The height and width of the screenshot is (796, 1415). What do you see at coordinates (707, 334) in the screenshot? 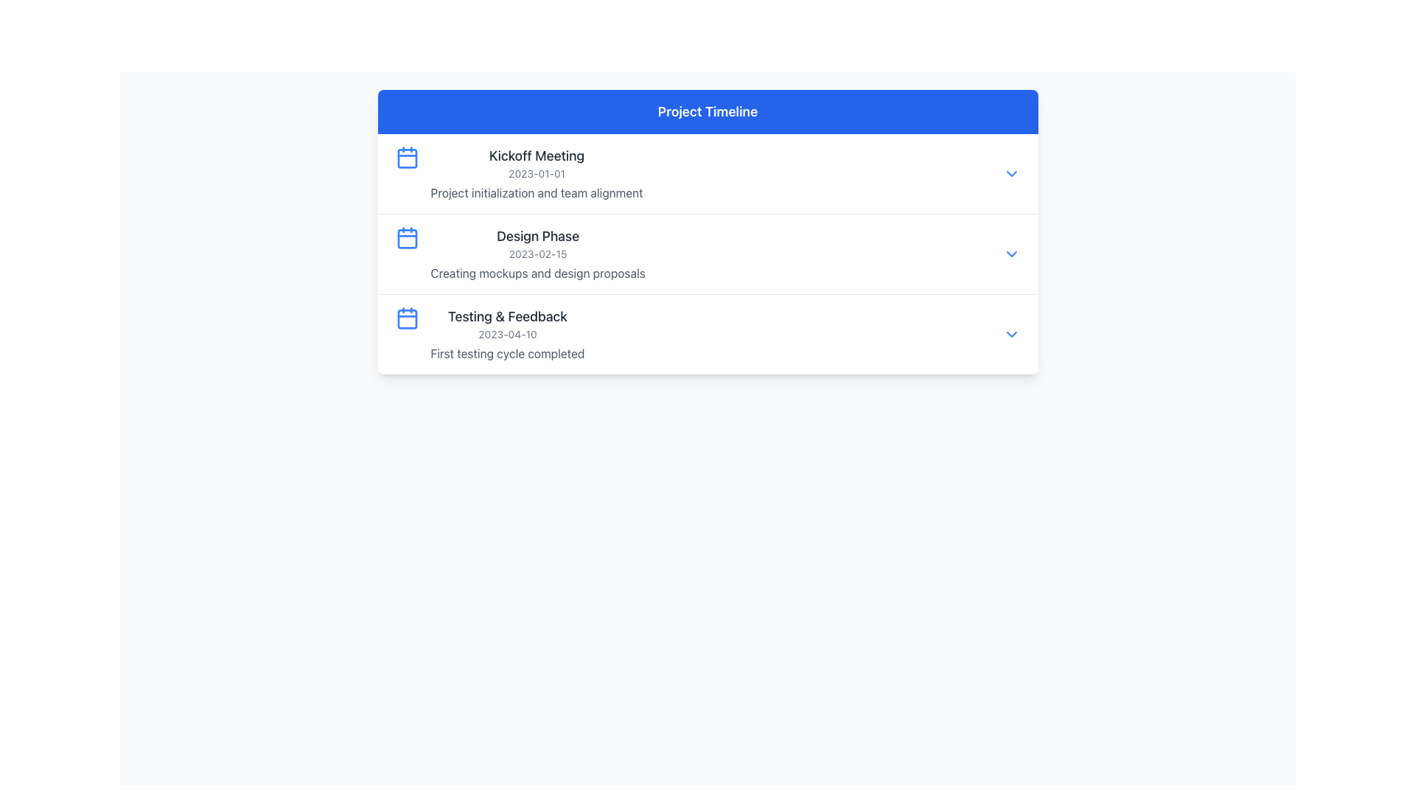
I see `the timeline item representing the 'Testing & Feedback' phase in the Project Timeline list, which is the third entry in the vertically stacked list` at bounding box center [707, 334].